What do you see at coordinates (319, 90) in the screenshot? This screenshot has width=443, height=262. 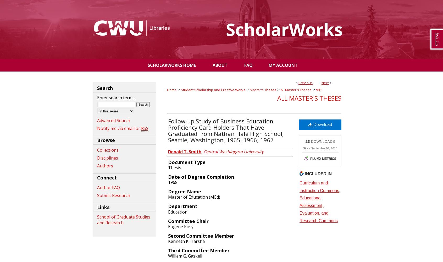 I see `'985'` at bounding box center [319, 90].